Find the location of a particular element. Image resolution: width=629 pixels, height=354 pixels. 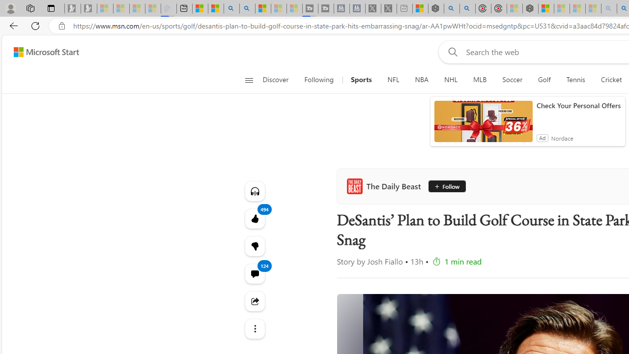

'Class: button-glyph' is located at coordinates (249, 80).